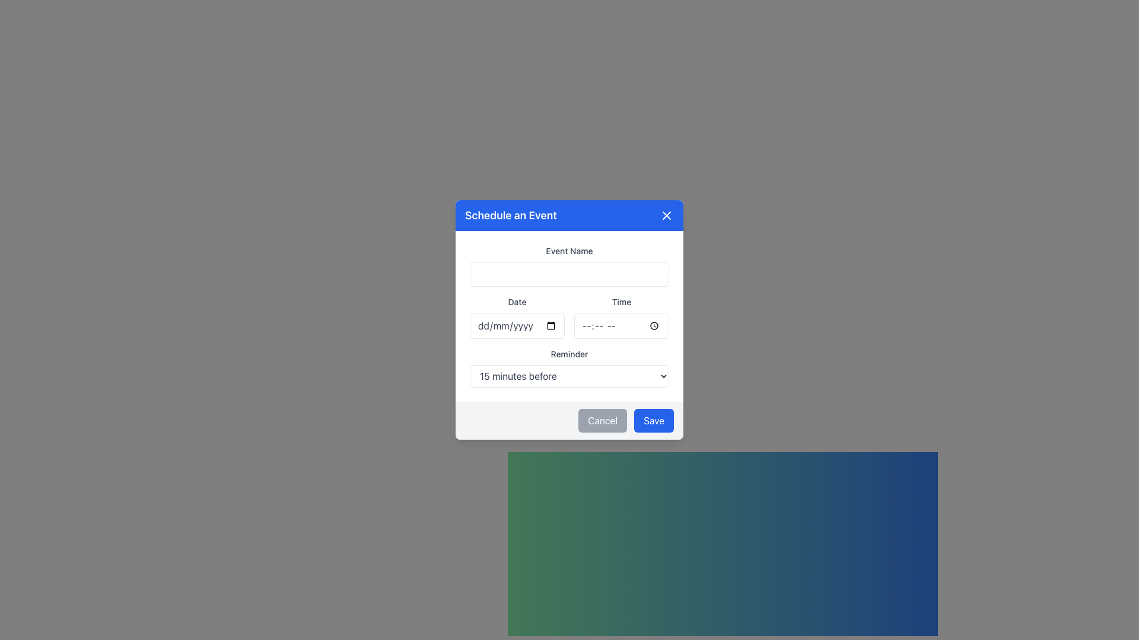 The image size is (1139, 640). I want to click on the close button located in the top-right corner of the blue title bar labeled 'Schedule an Event', so click(666, 215).